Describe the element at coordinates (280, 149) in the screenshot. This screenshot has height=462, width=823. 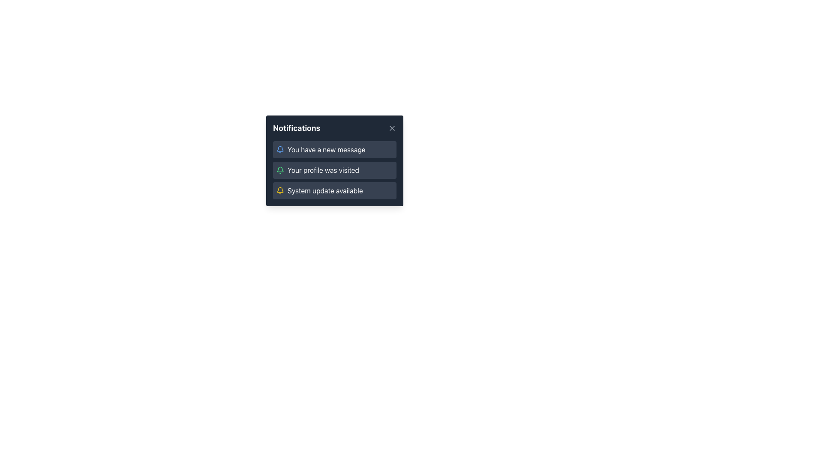
I see `the notification icon indicating 'You have a new message'` at that location.